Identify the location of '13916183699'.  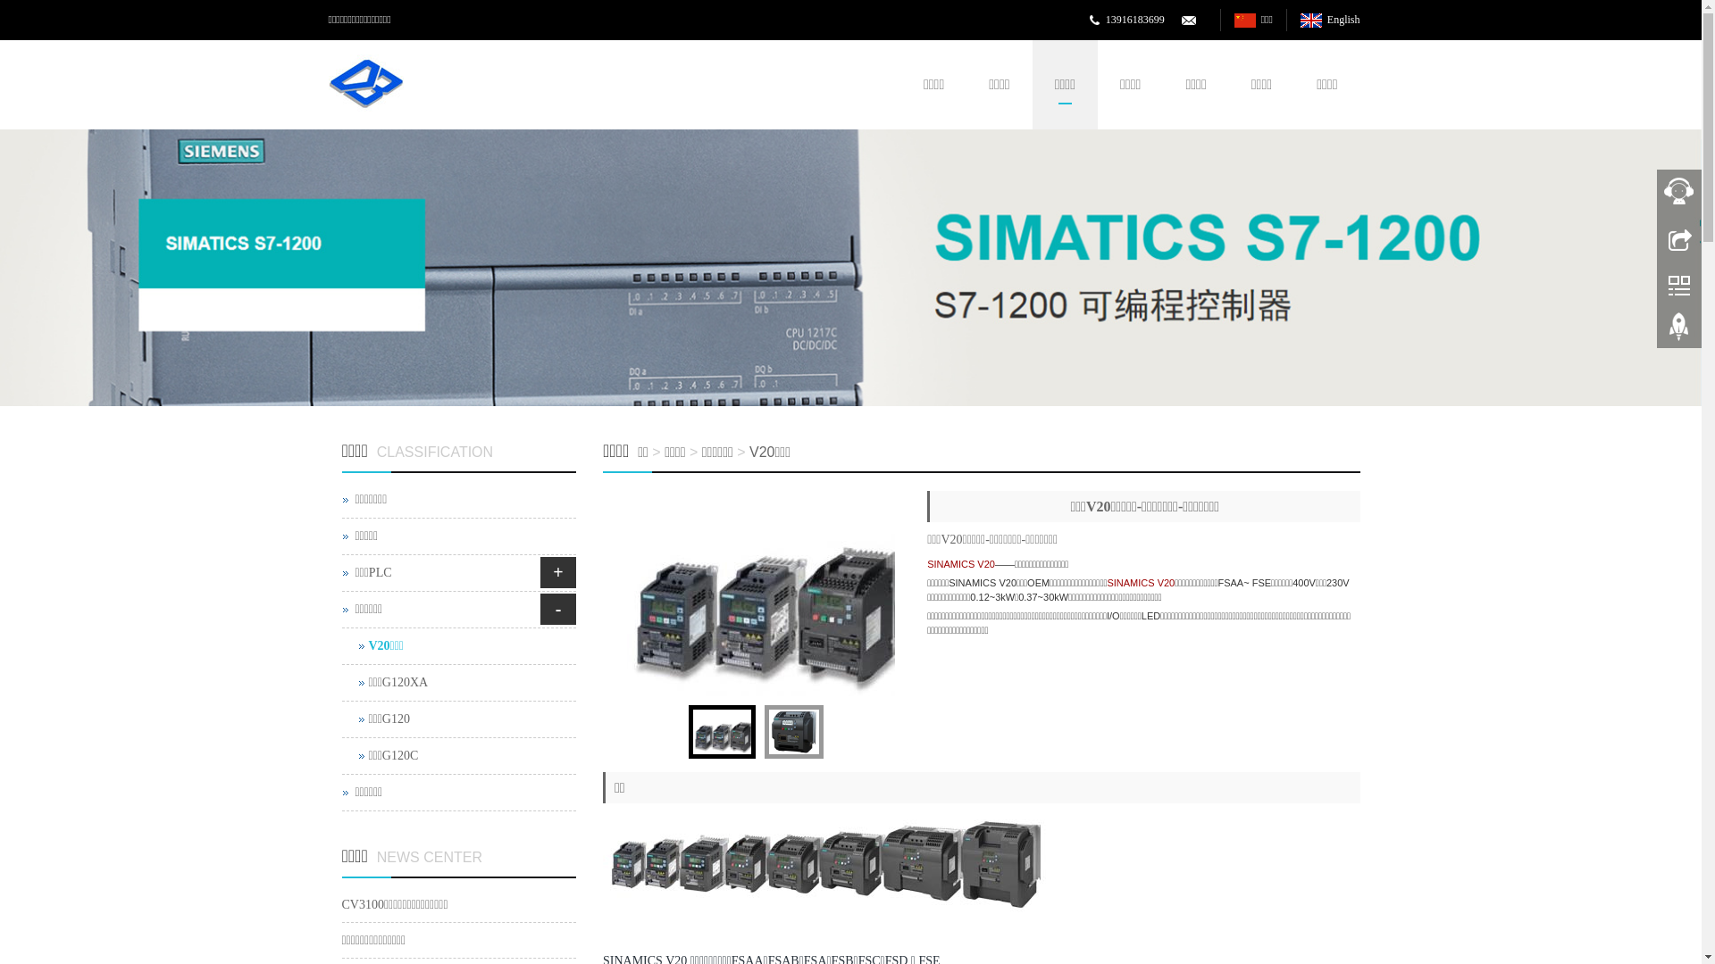
(1134, 20).